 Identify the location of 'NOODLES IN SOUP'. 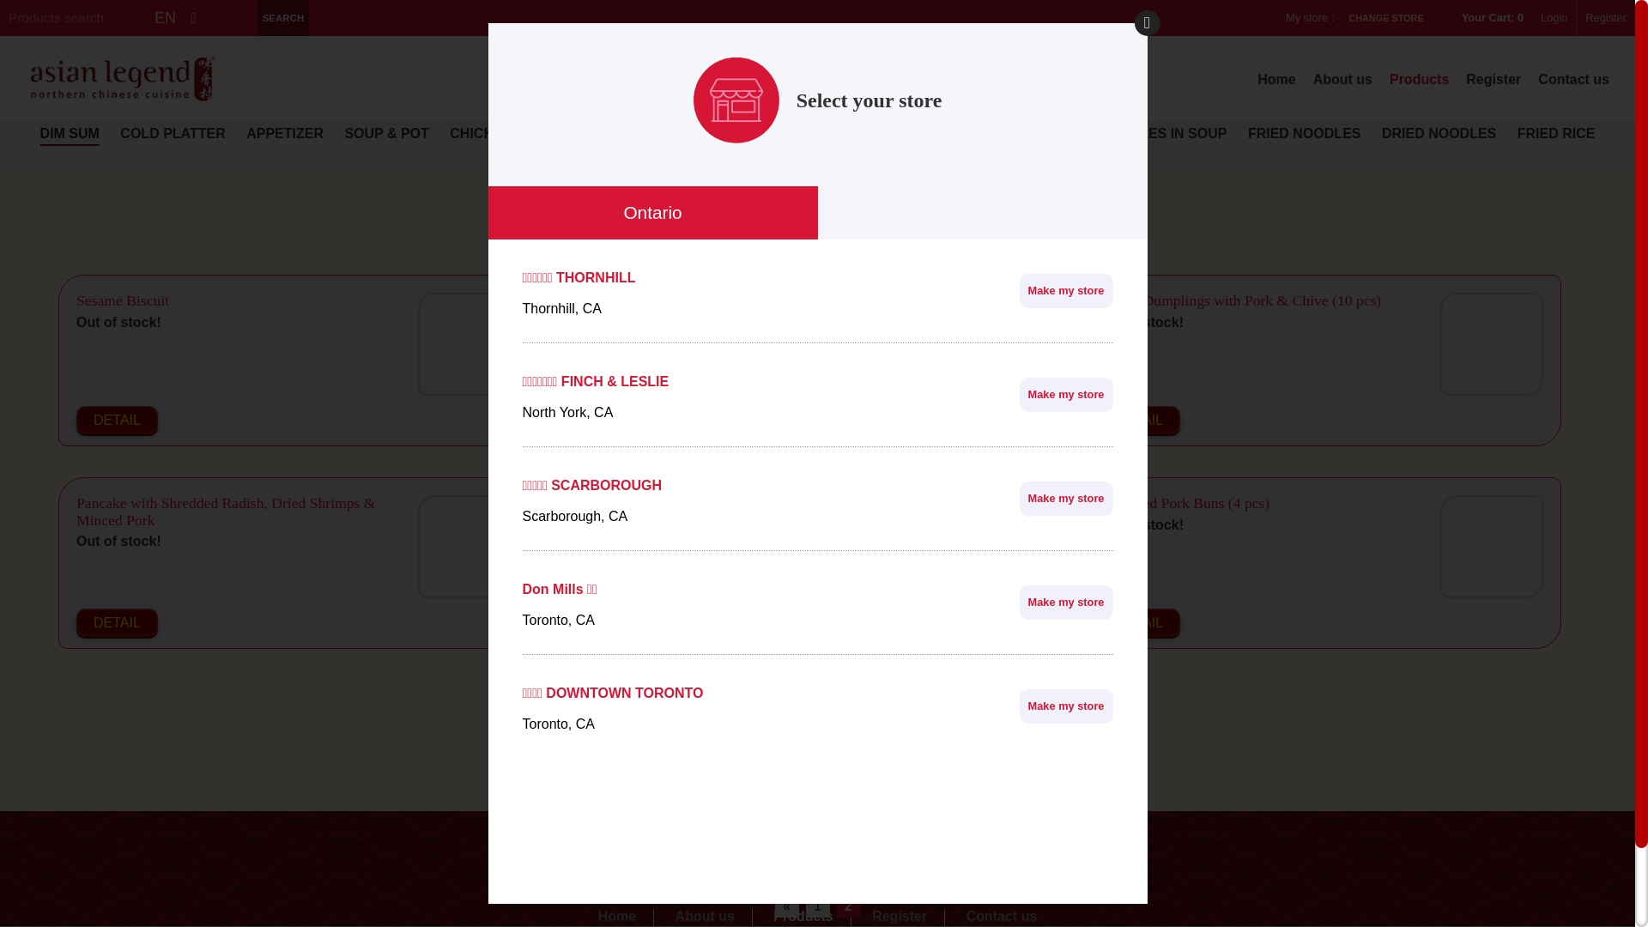
(1162, 132).